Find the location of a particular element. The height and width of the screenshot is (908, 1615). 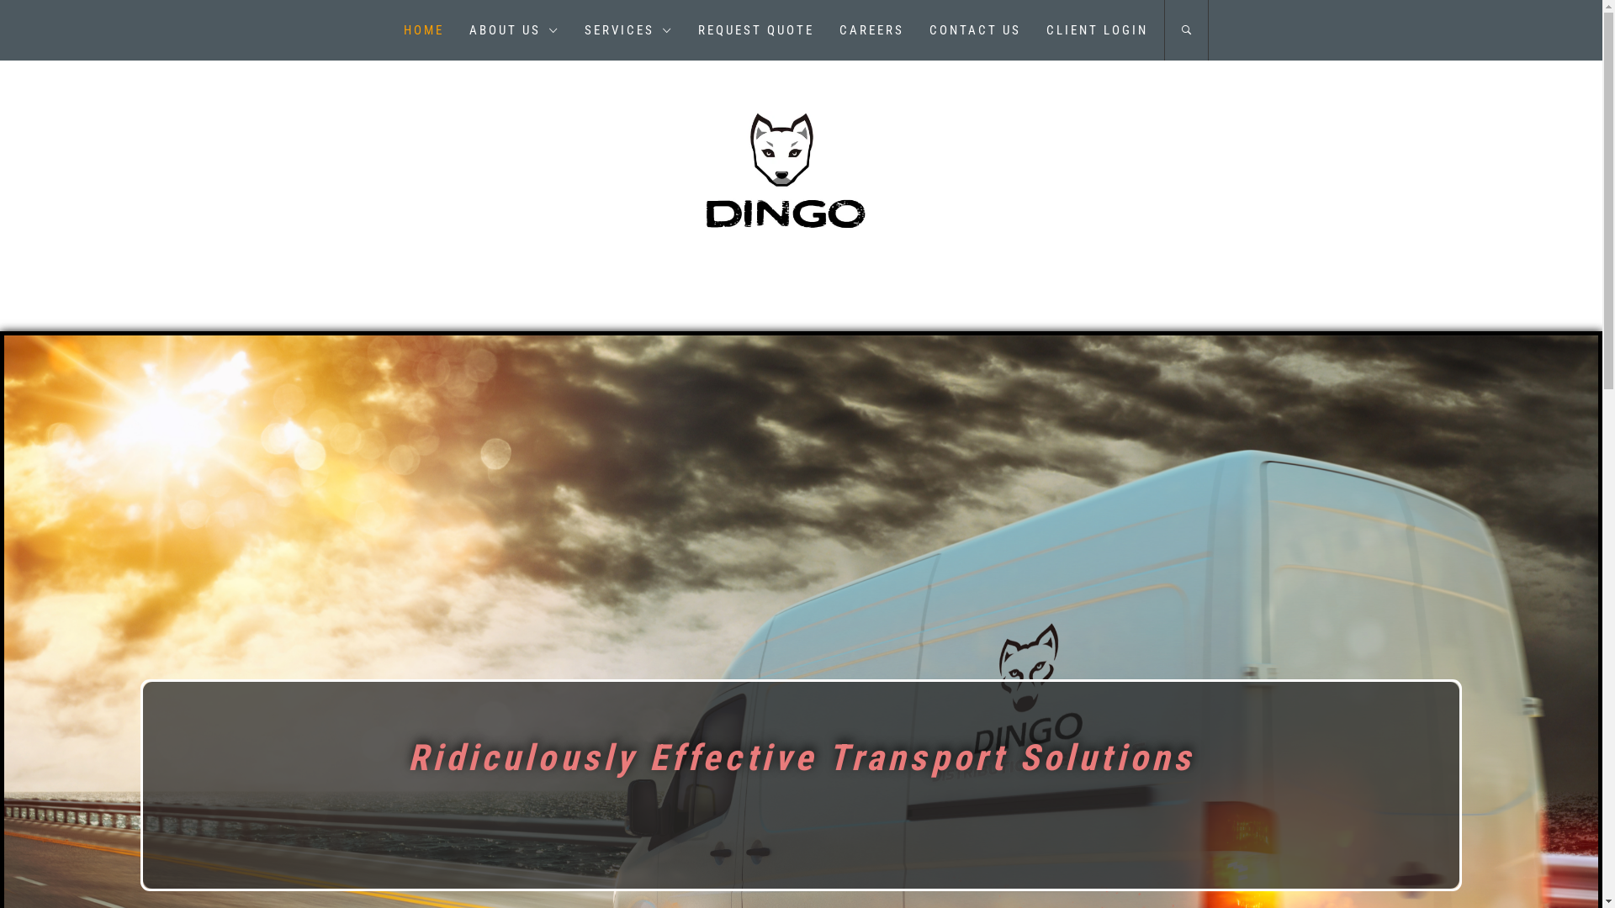

'ABOUT US' is located at coordinates (456, 29).